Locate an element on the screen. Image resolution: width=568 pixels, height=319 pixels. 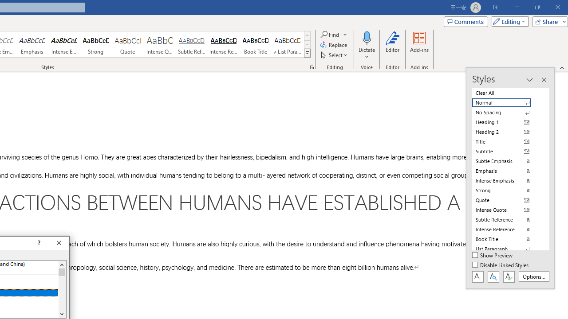
'Subtitle' is located at coordinates (507, 151).